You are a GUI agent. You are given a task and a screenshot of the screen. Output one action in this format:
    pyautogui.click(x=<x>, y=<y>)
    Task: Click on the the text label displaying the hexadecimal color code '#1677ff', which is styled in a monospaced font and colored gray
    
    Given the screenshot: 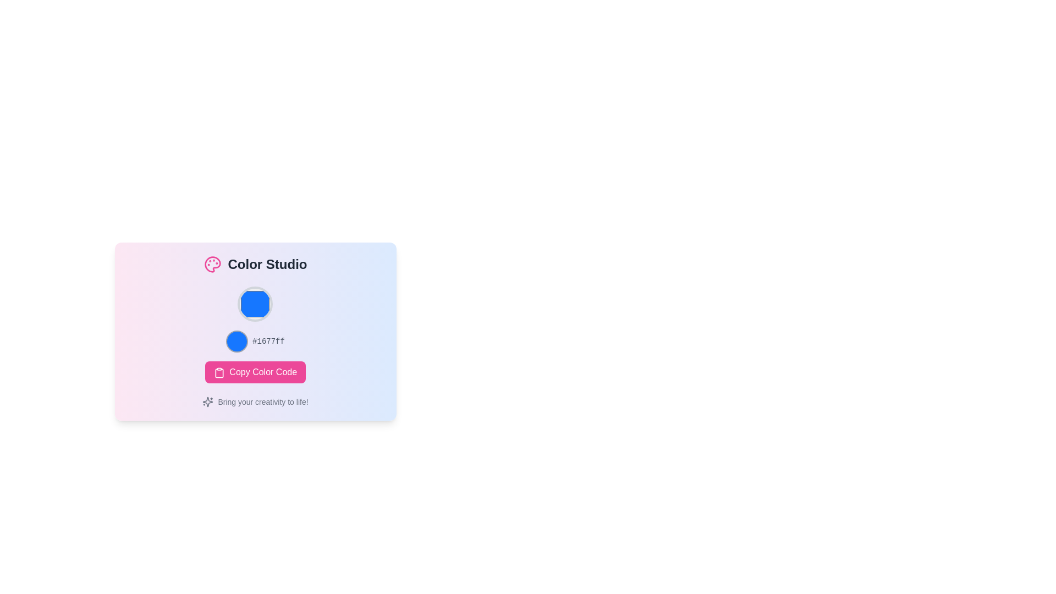 What is the action you would take?
    pyautogui.click(x=268, y=341)
    